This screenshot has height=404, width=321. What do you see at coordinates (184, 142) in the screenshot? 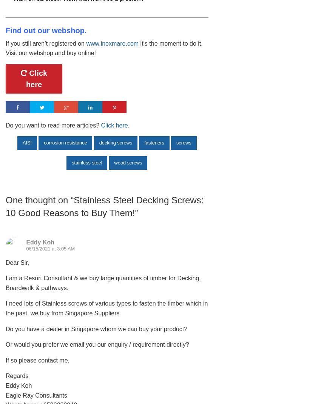
I see `'screws'` at bounding box center [184, 142].